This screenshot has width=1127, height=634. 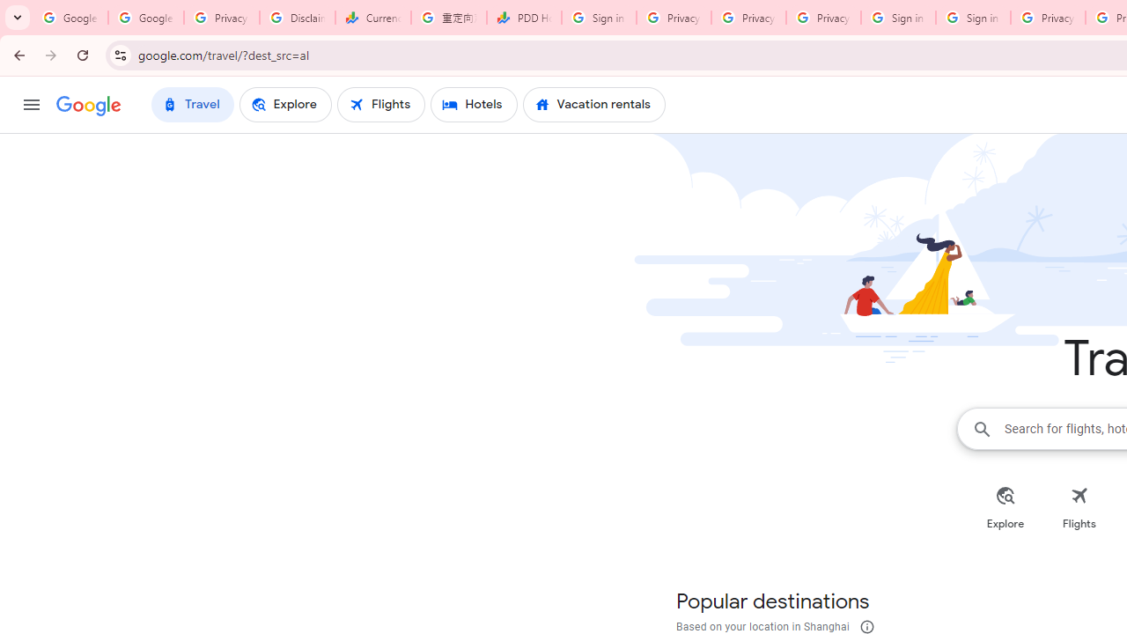 What do you see at coordinates (593, 105) in the screenshot?
I see `'Vacation rentals'` at bounding box center [593, 105].